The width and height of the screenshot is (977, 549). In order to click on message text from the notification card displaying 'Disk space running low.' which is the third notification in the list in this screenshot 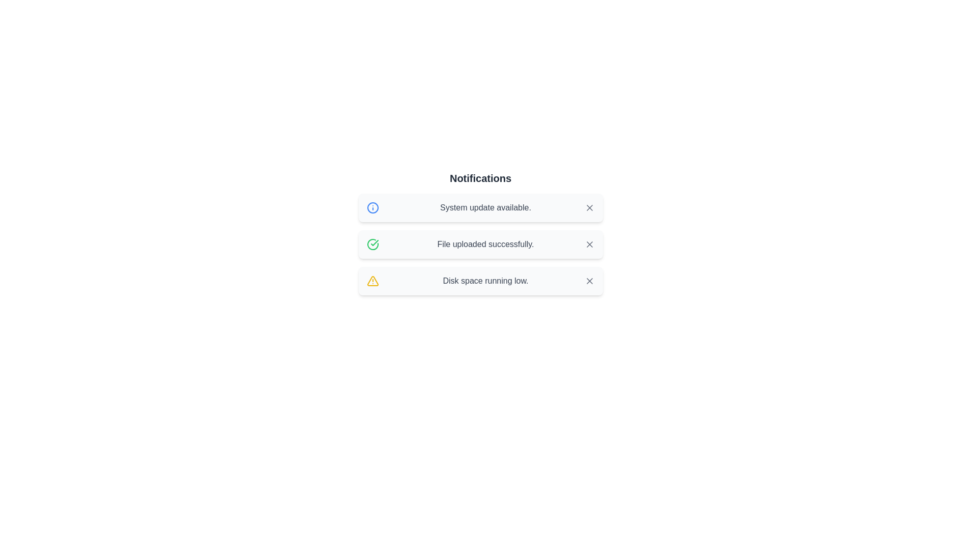, I will do `click(480, 281)`.